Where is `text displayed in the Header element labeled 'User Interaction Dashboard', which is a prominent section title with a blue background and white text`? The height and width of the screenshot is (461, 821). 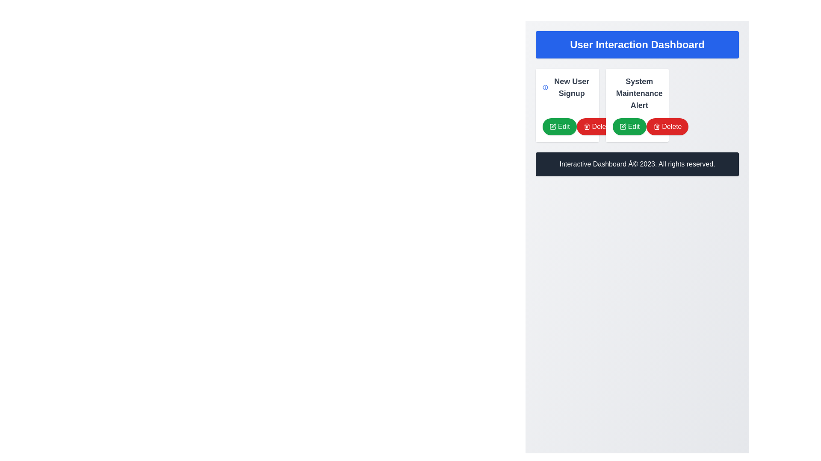 text displayed in the Header element labeled 'User Interaction Dashboard', which is a prominent section title with a blue background and white text is located at coordinates (637, 44).